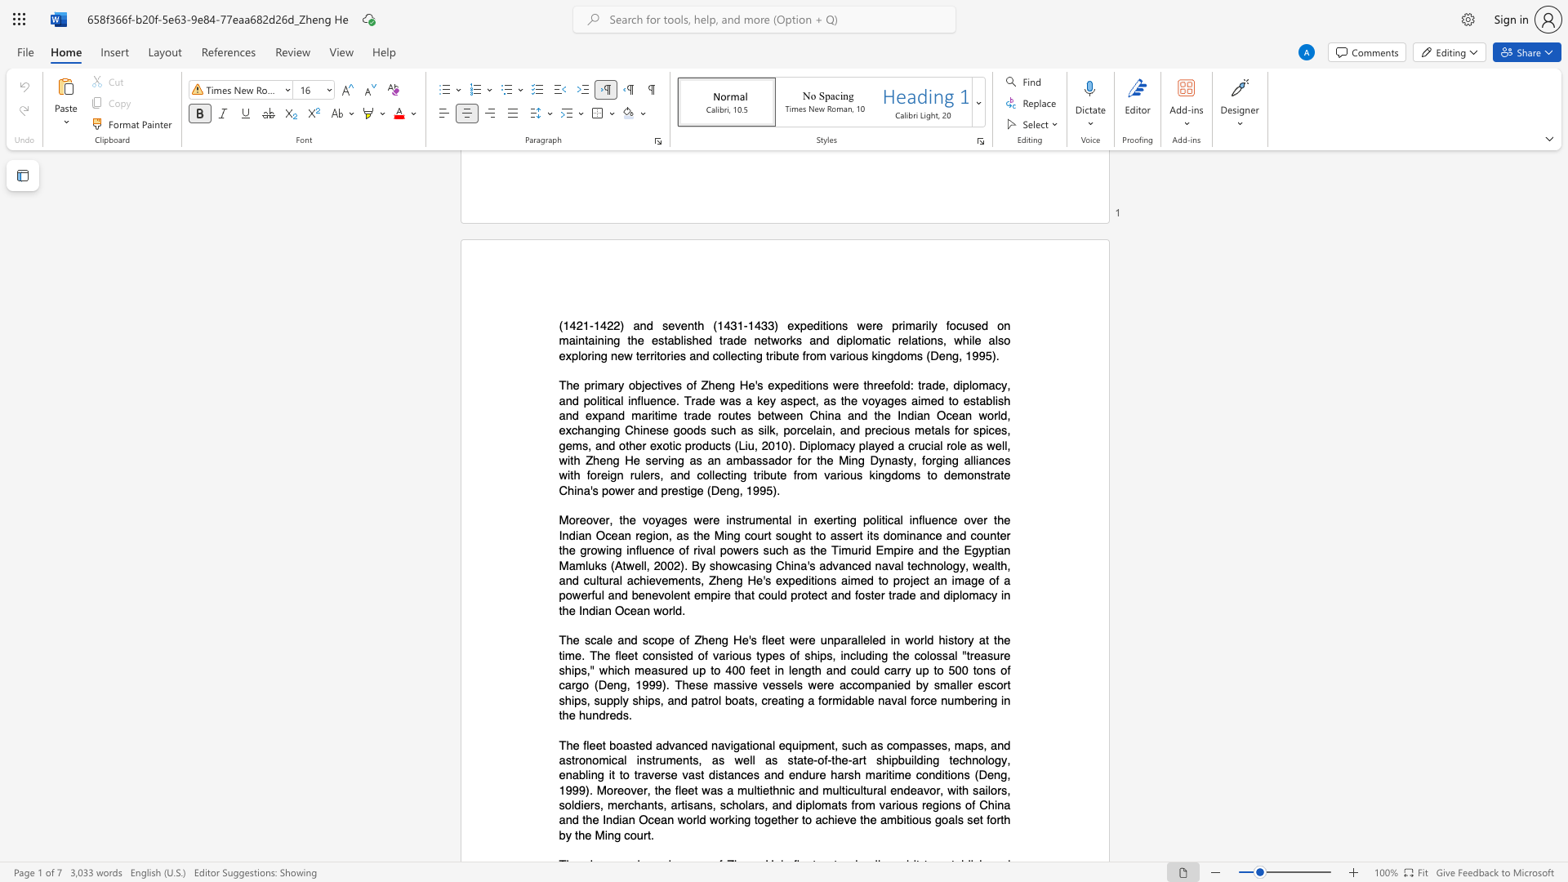 The image size is (1568, 882). What do you see at coordinates (781, 535) in the screenshot?
I see `the subset text "ought to assert its dominance and count" within the text "Moreover, the voyages were instrumental in exerting political influence over the Indian Ocean region, as the Ming court sought to assert its dominance and counter the growing influence of rival powers such as the Timurid Empire and the Egyptian Mamluks (Atwell, 2002). By"` at bounding box center [781, 535].